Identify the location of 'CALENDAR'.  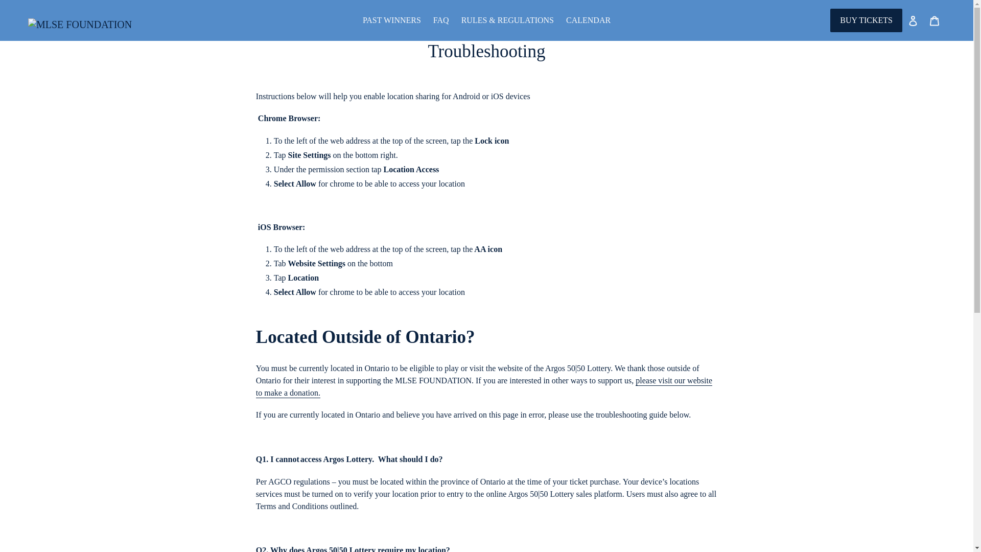
(588, 20).